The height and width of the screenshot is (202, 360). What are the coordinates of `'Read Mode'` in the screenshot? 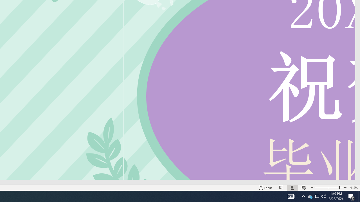 It's located at (281, 188).